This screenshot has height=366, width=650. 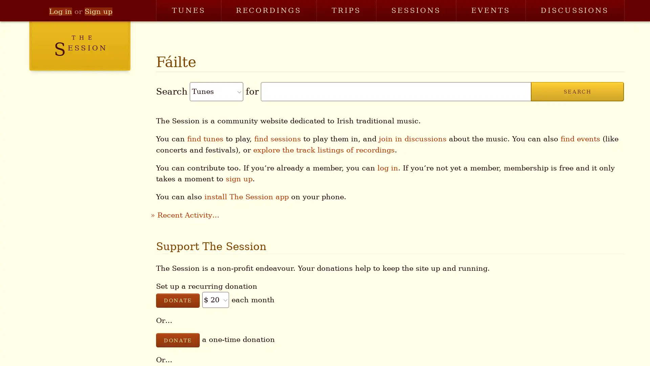 What do you see at coordinates (177, 300) in the screenshot?
I see `donate` at bounding box center [177, 300].